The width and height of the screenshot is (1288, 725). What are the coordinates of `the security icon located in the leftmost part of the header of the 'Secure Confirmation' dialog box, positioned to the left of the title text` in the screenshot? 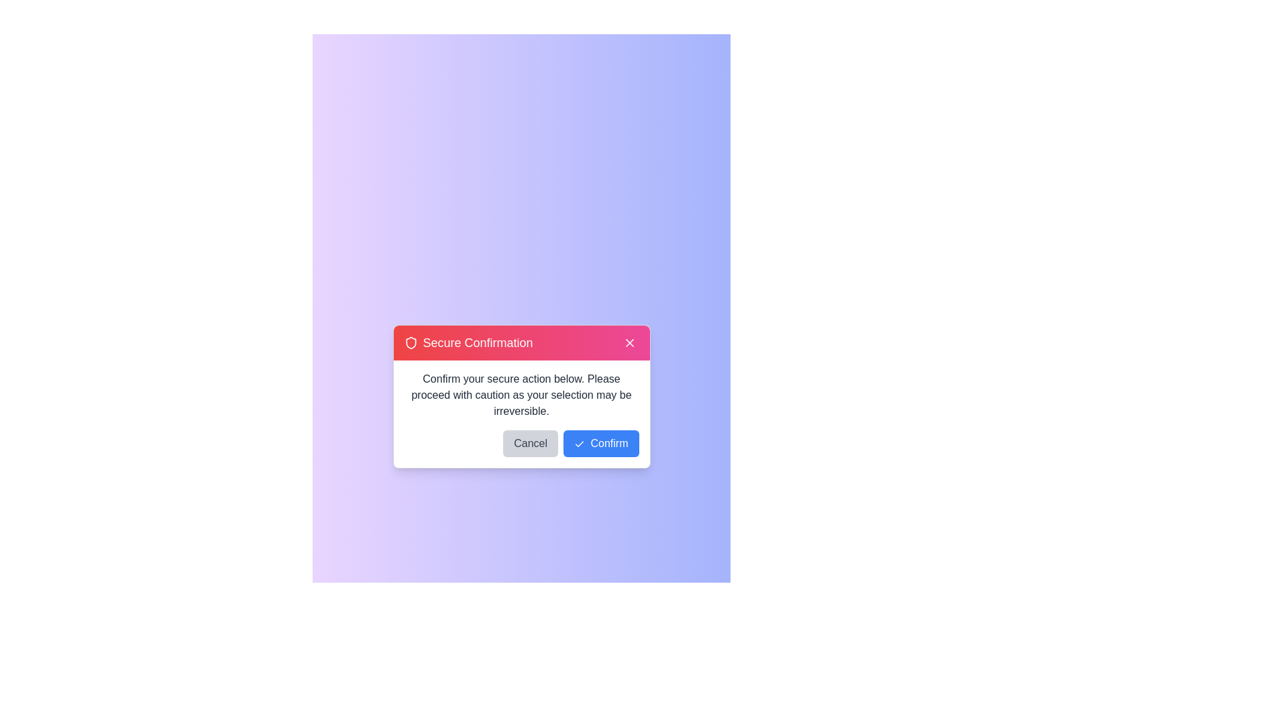 It's located at (410, 342).